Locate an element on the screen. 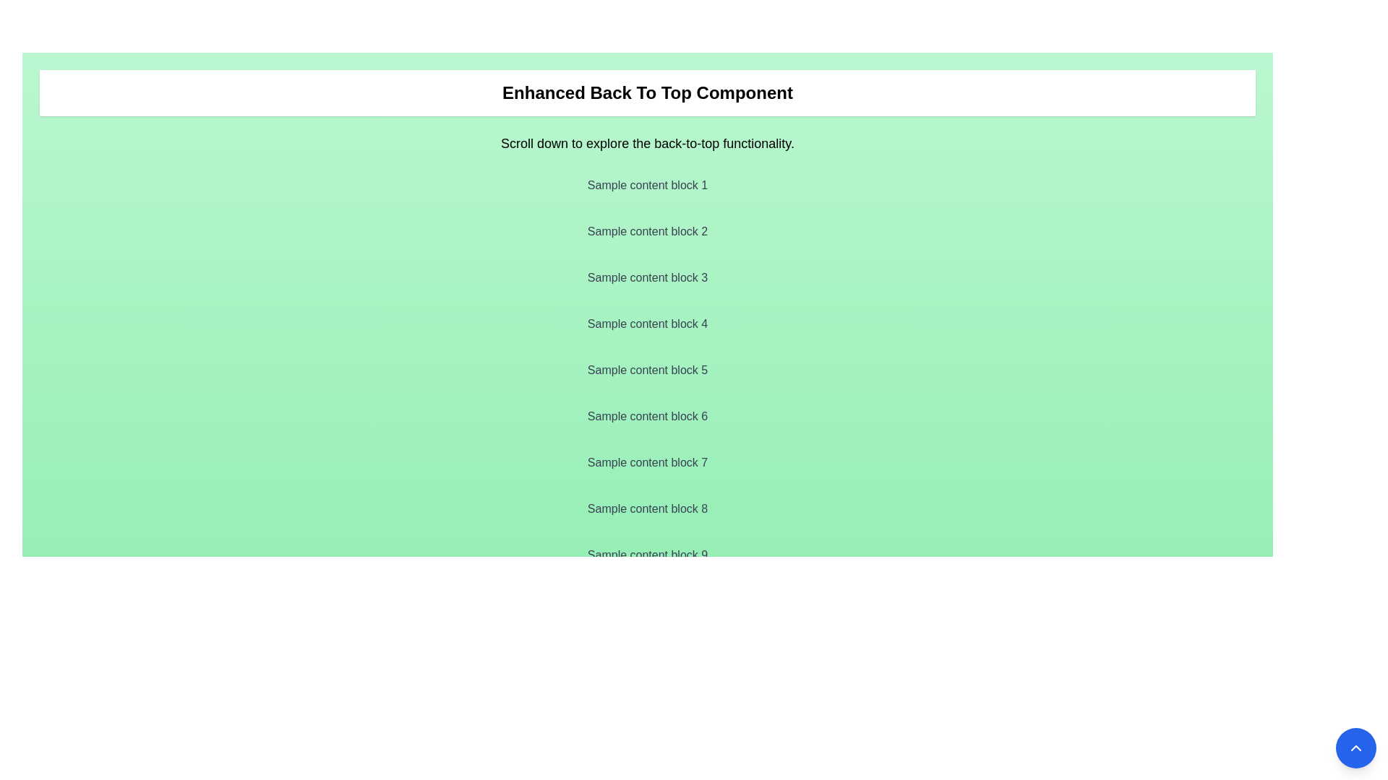 The width and height of the screenshot is (1388, 780). text from the Text element labeled 'Sample content block 8', which is styled in gray on a light green background and is the eighth item in the 'Sample content block' list is located at coordinates (647, 508).